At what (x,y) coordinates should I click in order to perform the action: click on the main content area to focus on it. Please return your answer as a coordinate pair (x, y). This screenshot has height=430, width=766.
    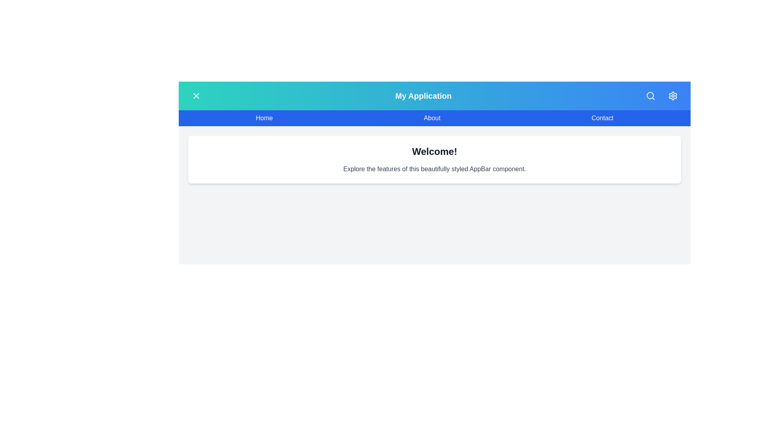
    Looking at the image, I should click on (434, 319).